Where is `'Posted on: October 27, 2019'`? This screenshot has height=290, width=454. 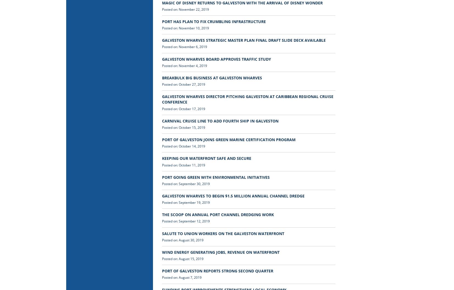 'Posted on: October 27, 2019' is located at coordinates (183, 84).